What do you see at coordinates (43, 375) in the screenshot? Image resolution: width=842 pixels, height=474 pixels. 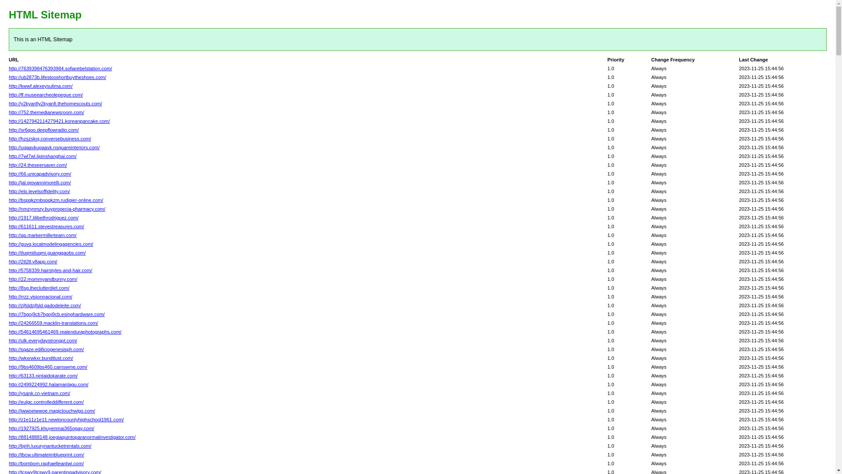 I see `'http://63133.nintaidokarate.com/'` at bounding box center [43, 375].